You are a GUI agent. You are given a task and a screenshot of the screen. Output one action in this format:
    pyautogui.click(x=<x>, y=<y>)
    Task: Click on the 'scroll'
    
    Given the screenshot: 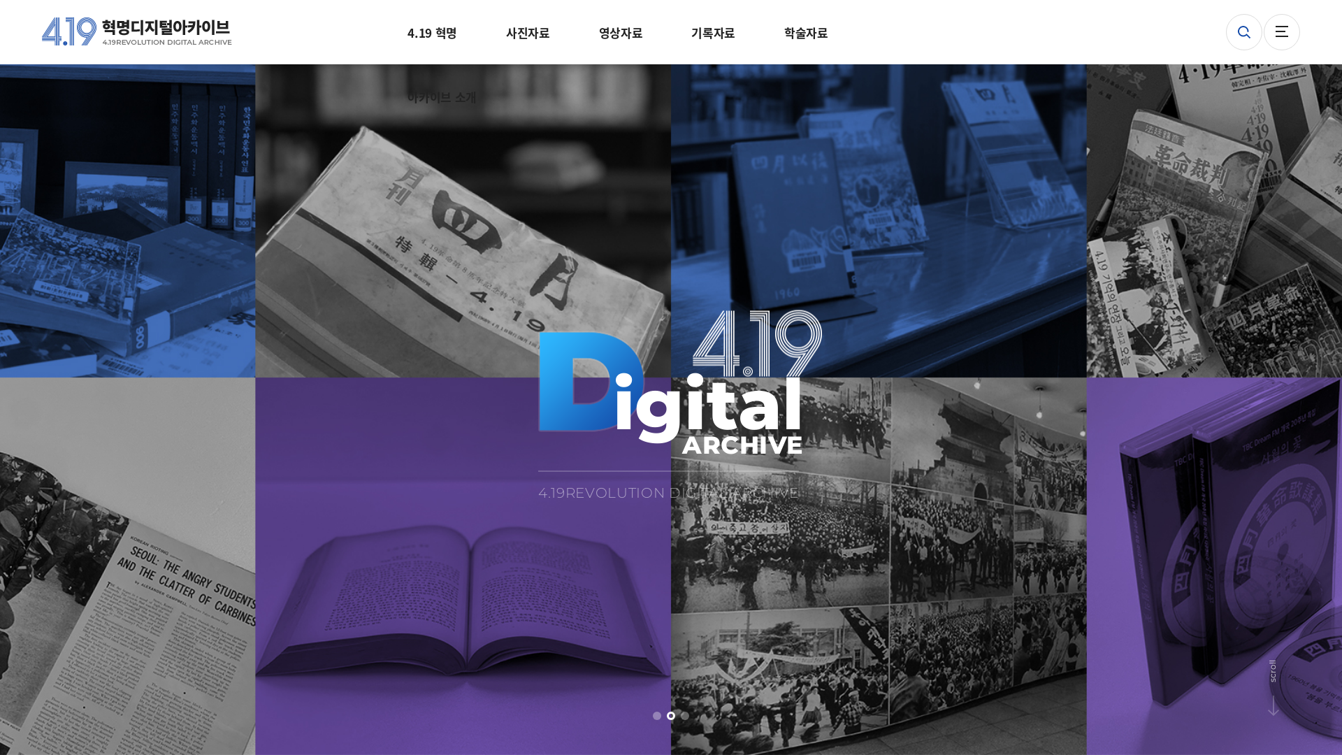 What is the action you would take?
    pyautogui.click(x=1290, y=666)
    